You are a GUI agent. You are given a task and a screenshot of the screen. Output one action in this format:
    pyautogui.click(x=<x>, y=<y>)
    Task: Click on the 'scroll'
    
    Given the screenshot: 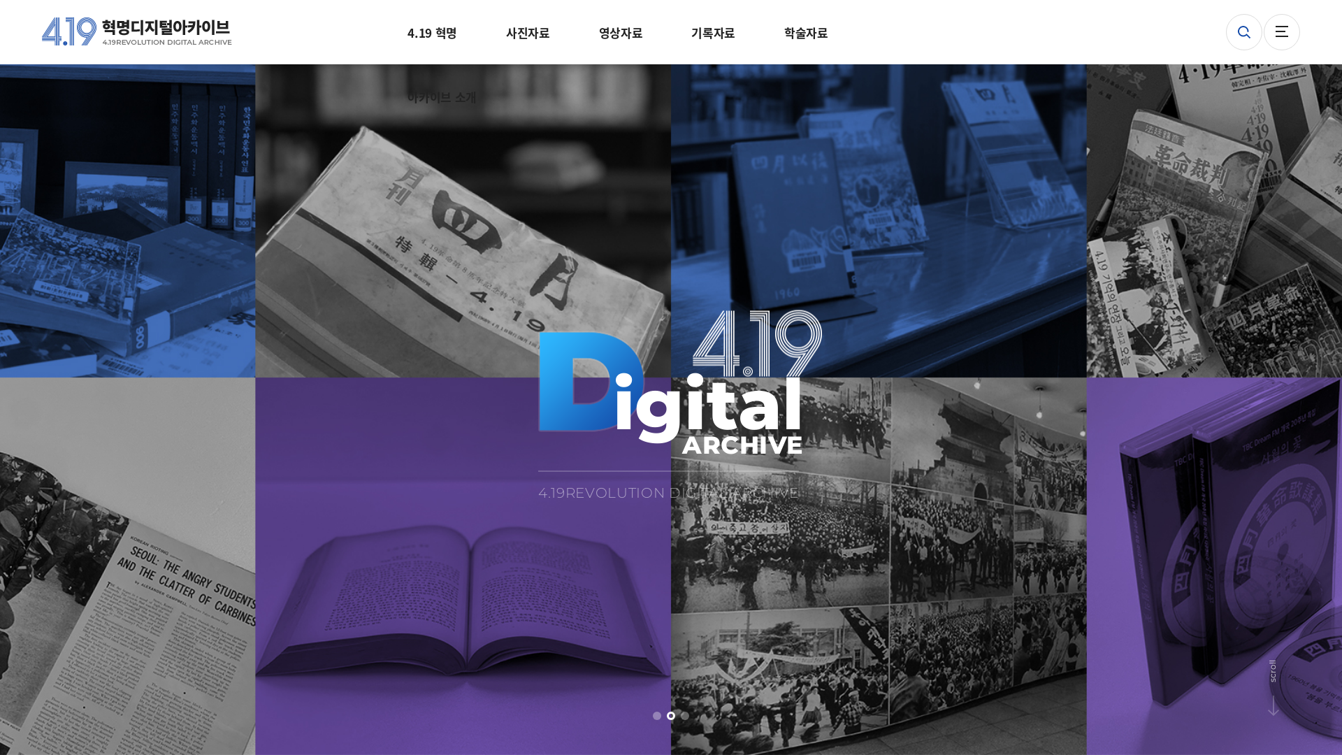 What is the action you would take?
    pyautogui.click(x=1290, y=666)
    